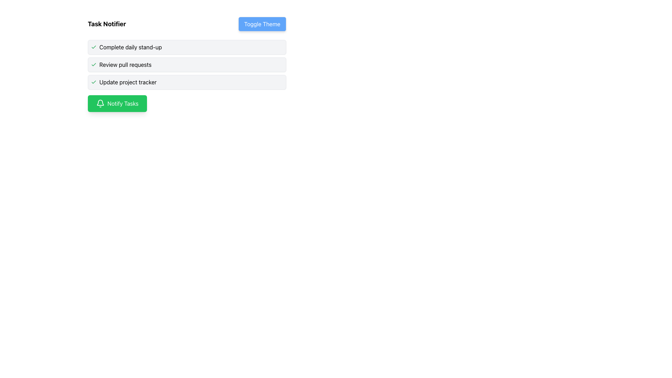 This screenshot has height=378, width=672. I want to click on text label 'Notify Tasks' which is centered within a green button located towards the lower part of the interface, so click(123, 104).